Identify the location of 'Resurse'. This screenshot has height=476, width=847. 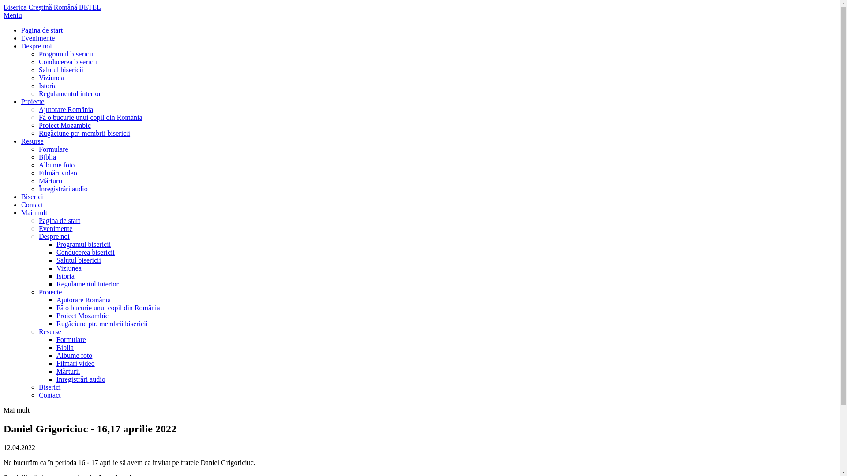
(32, 141).